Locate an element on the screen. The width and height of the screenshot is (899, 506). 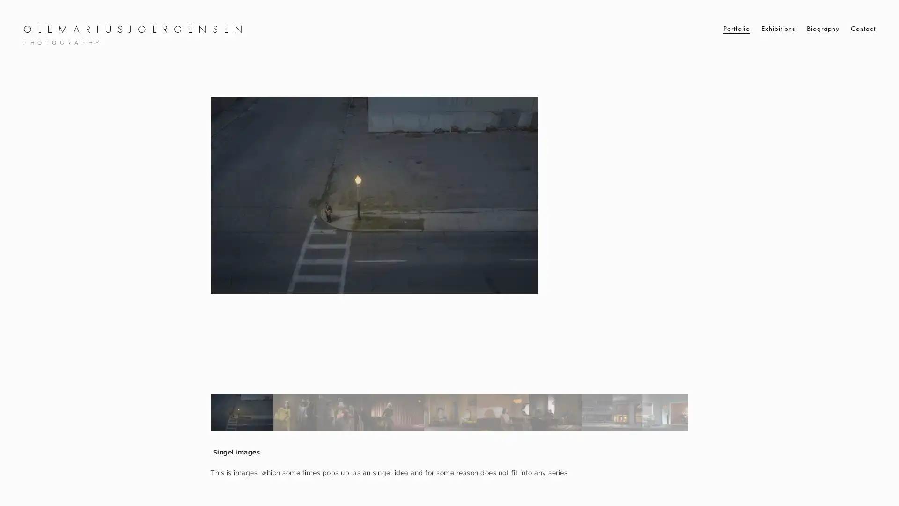
Slide 2 is located at coordinates (295, 411).